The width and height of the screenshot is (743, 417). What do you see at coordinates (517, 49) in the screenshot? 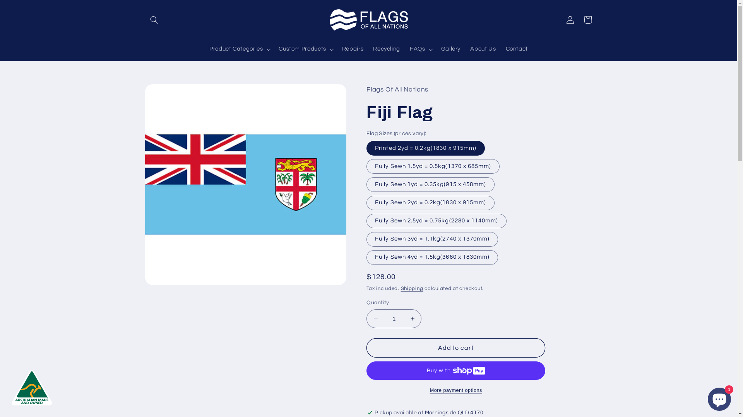
I see `'Contact'` at bounding box center [517, 49].